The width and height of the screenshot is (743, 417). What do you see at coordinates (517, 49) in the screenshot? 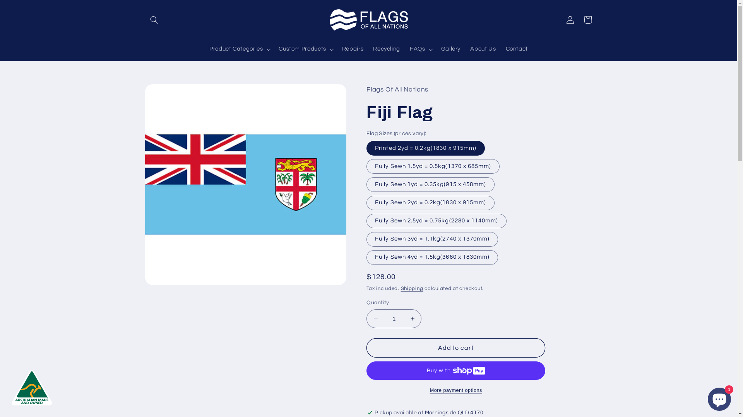
I see `'Contact'` at bounding box center [517, 49].